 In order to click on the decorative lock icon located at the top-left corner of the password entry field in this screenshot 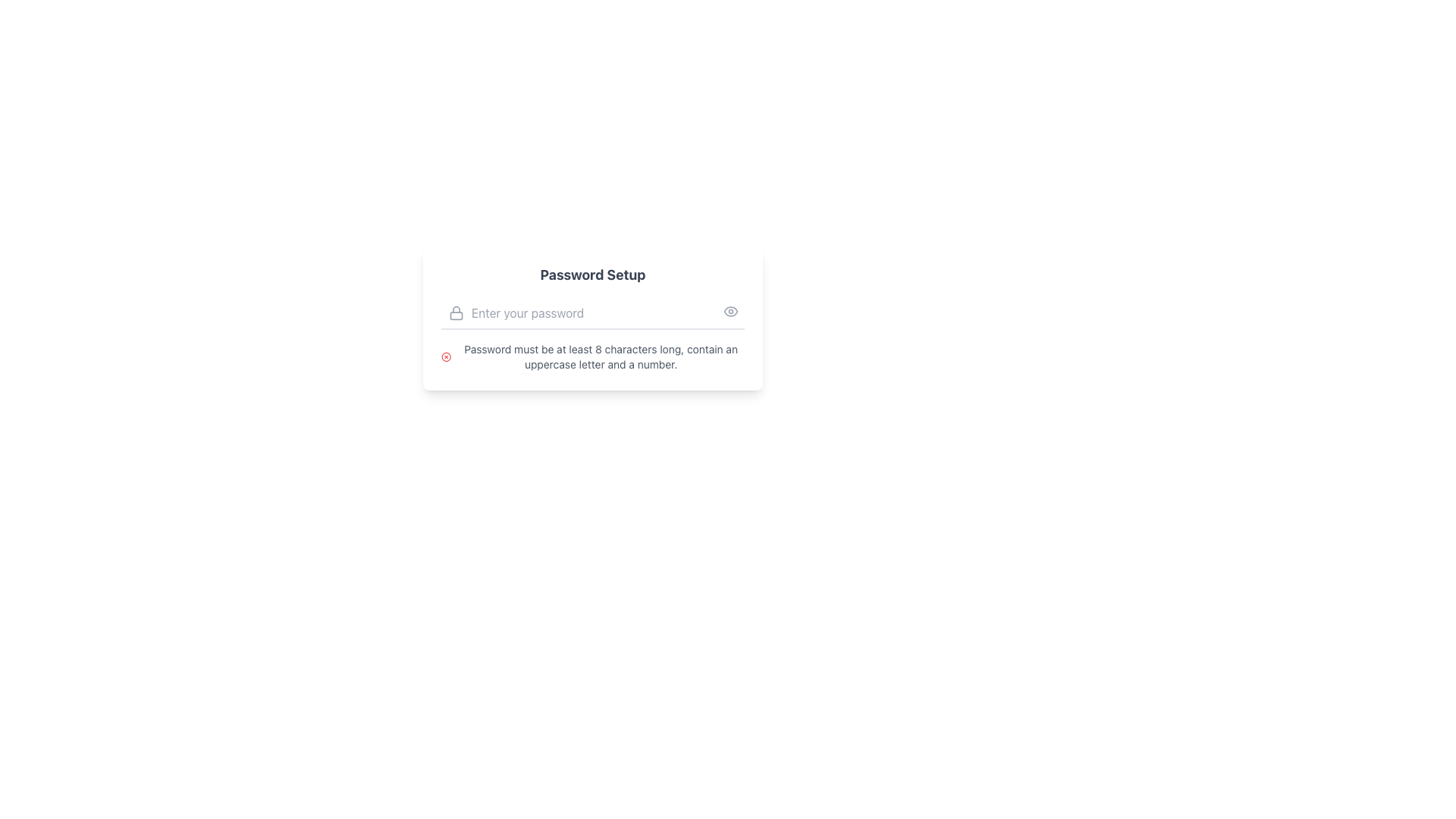, I will do `click(455, 312)`.